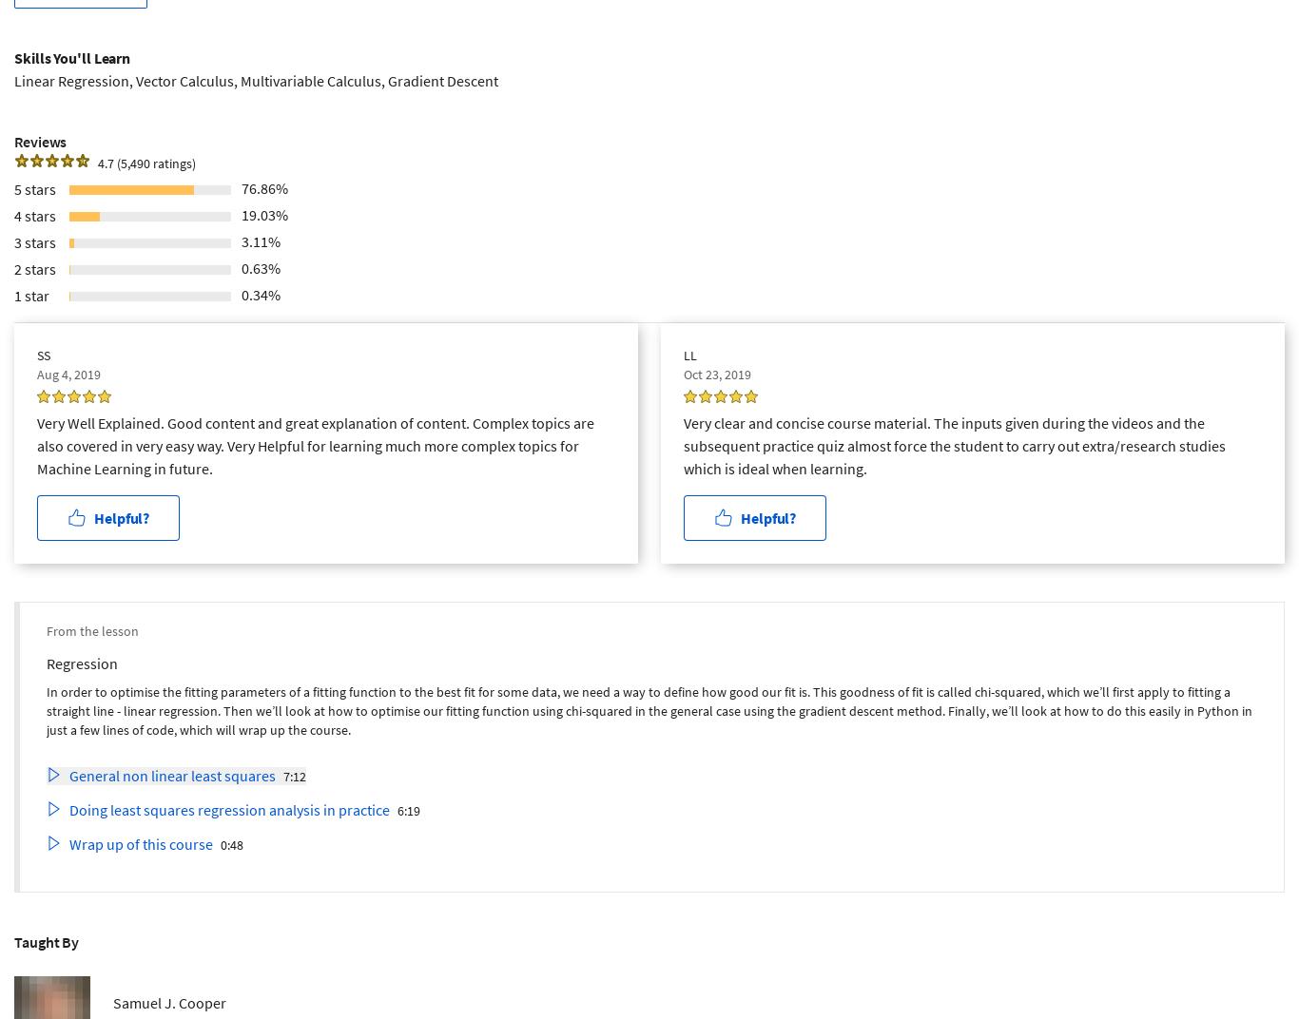 This screenshot has width=1299, height=1019. I want to click on '4 stars', so click(35, 214).